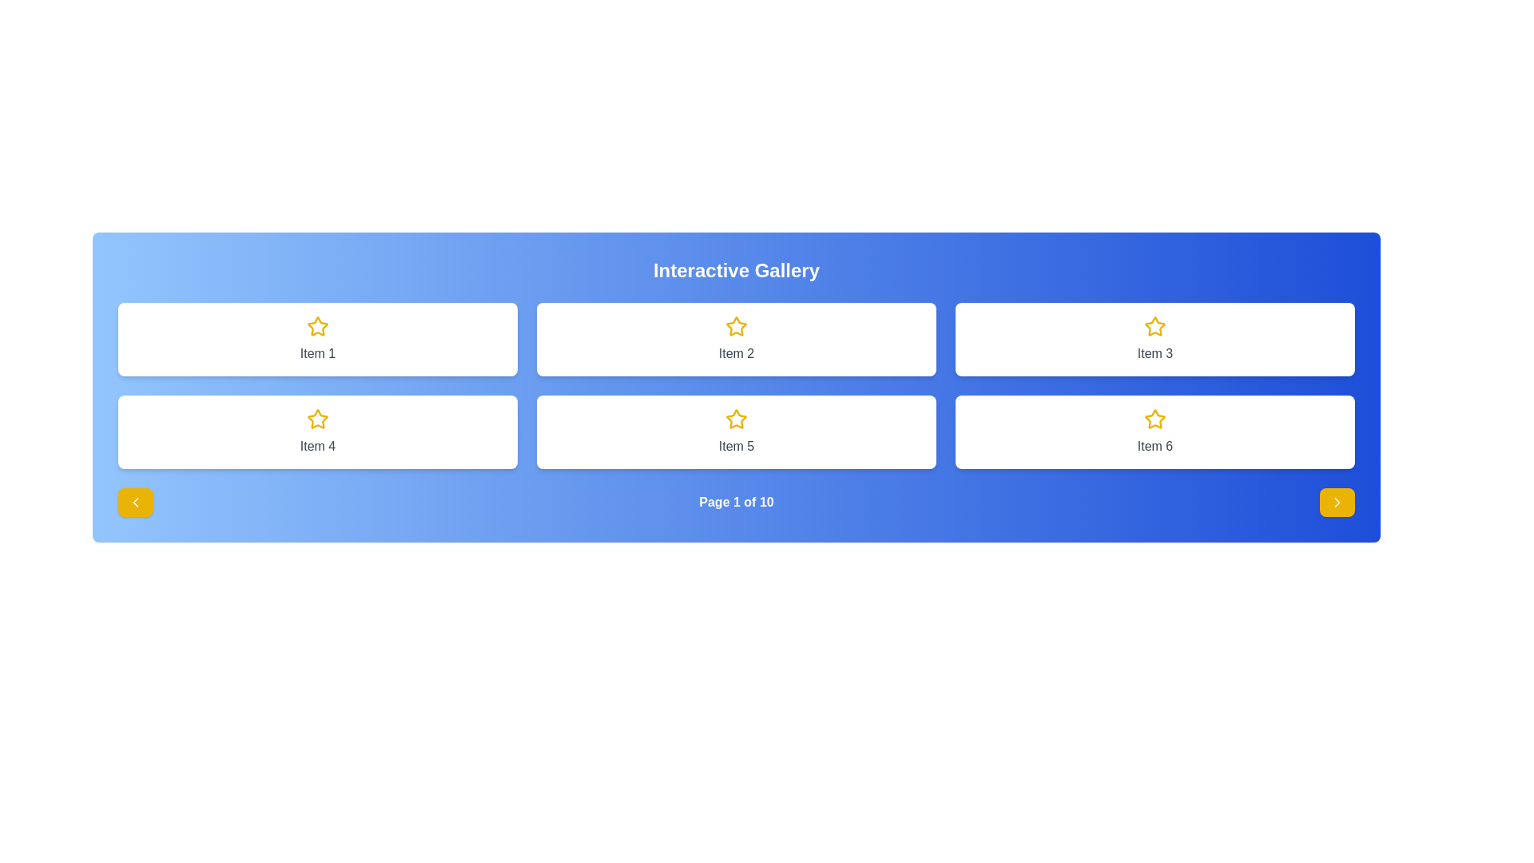 The width and height of the screenshot is (1534, 863). I want to click on the label displaying 'Item 3', which is located below the star icon in the second row, first column of the grid in 'Interactive Gallery', so click(1154, 353).